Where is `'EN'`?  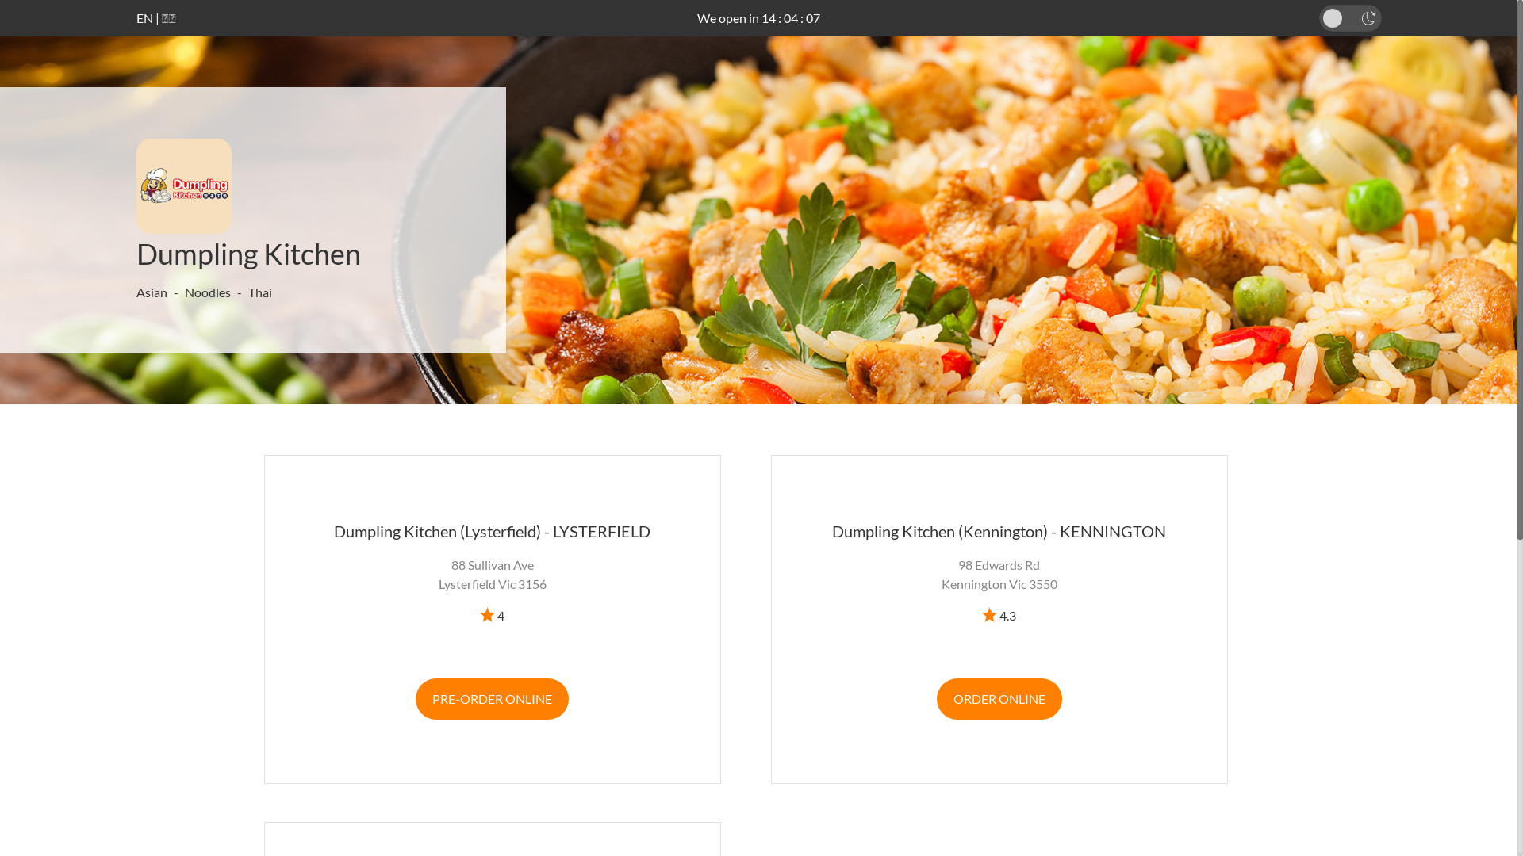
'EN' is located at coordinates (136, 17).